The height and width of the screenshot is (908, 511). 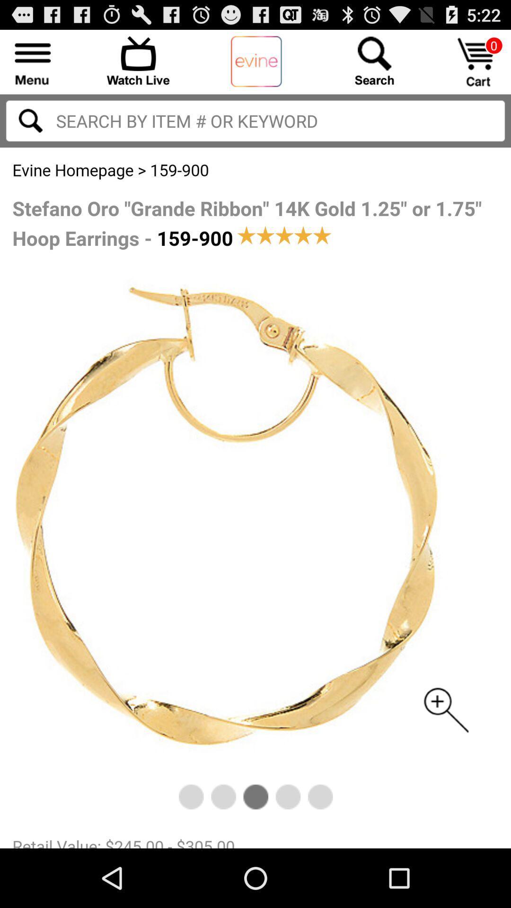 What do you see at coordinates (255, 497) in the screenshot?
I see `show full details of earrings` at bounding box center [255, 497].